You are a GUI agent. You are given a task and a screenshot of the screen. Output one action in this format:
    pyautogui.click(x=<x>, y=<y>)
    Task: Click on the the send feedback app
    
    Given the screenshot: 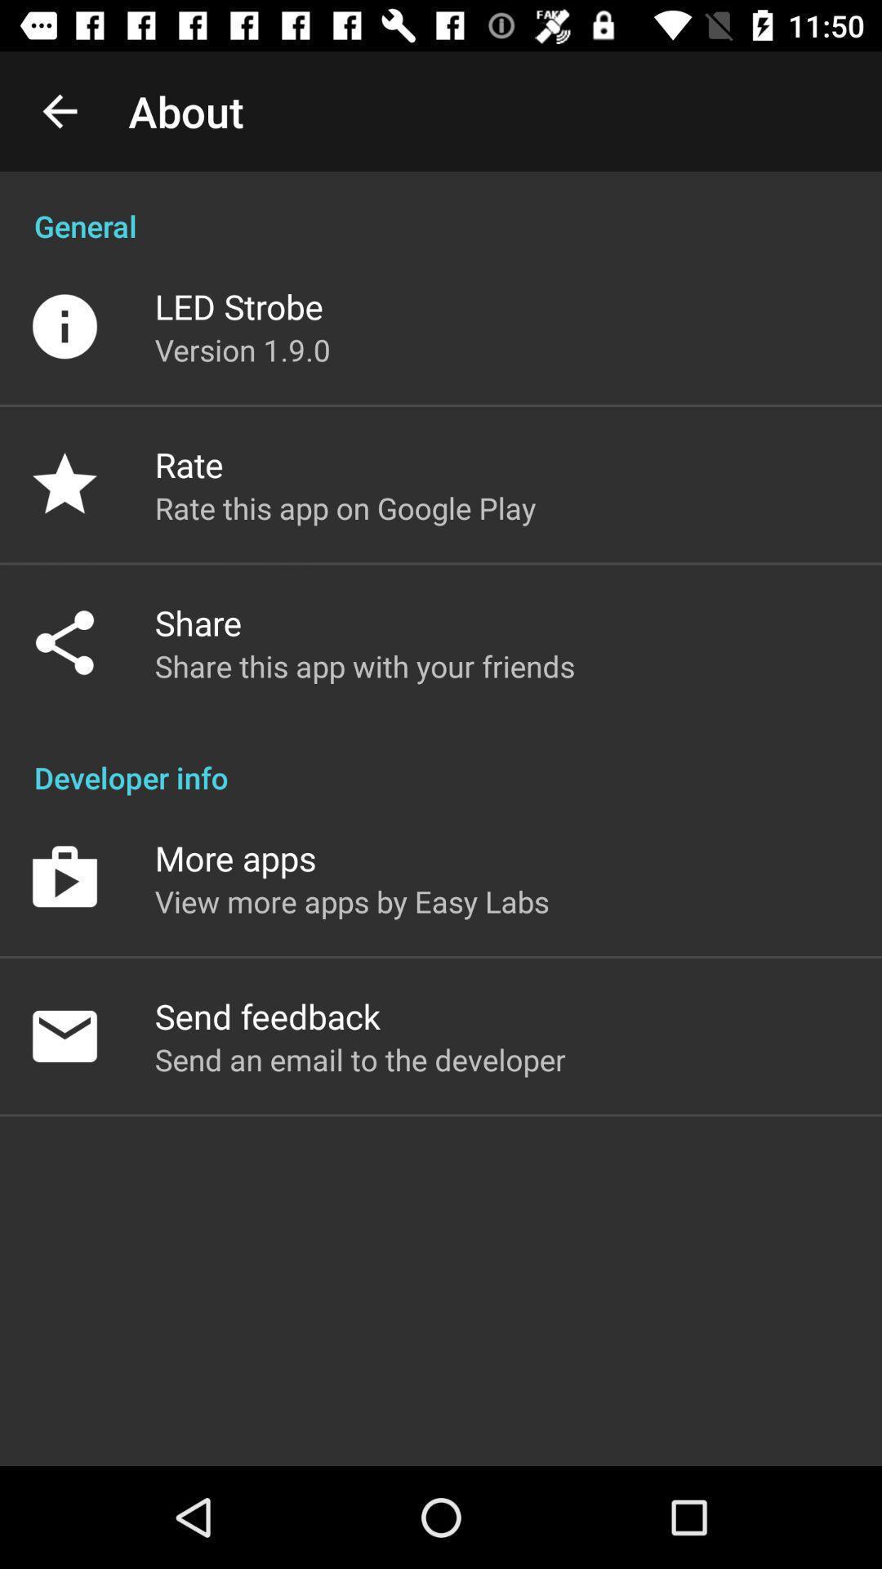 What is the action you would take?
    pyautogui.click(x=266, y=1015)
    